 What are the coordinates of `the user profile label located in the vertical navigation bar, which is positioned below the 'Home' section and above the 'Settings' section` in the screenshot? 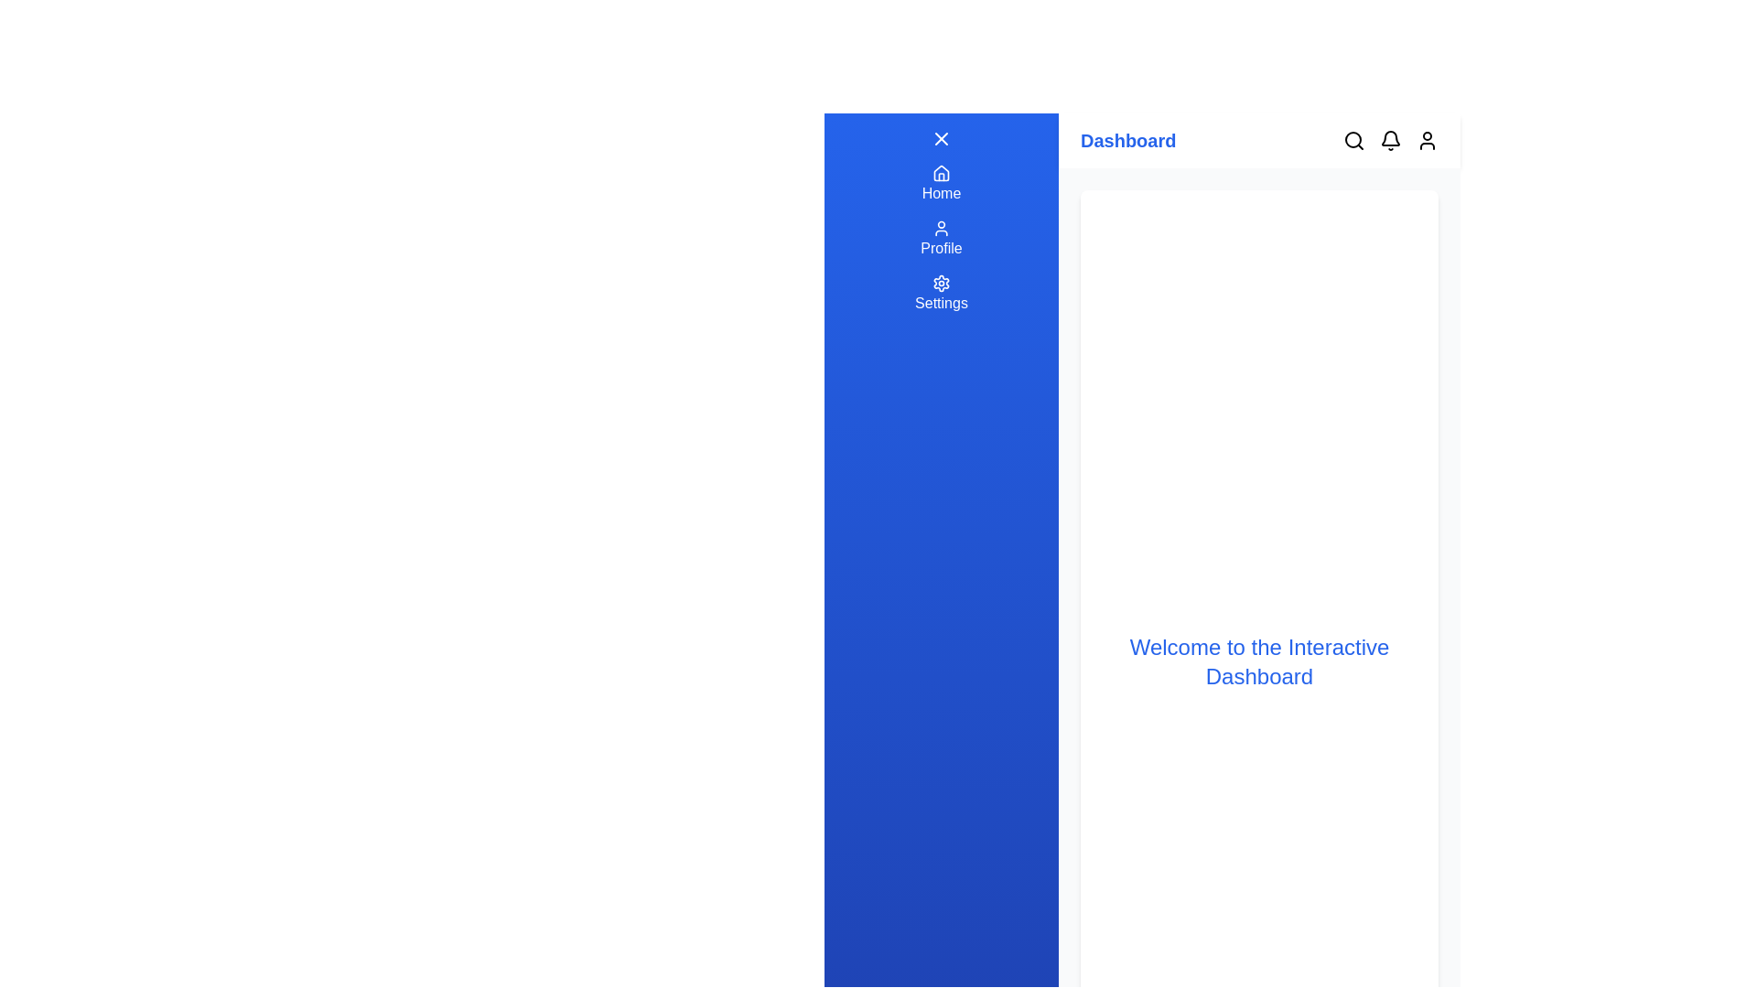 It's located at (941, 248).